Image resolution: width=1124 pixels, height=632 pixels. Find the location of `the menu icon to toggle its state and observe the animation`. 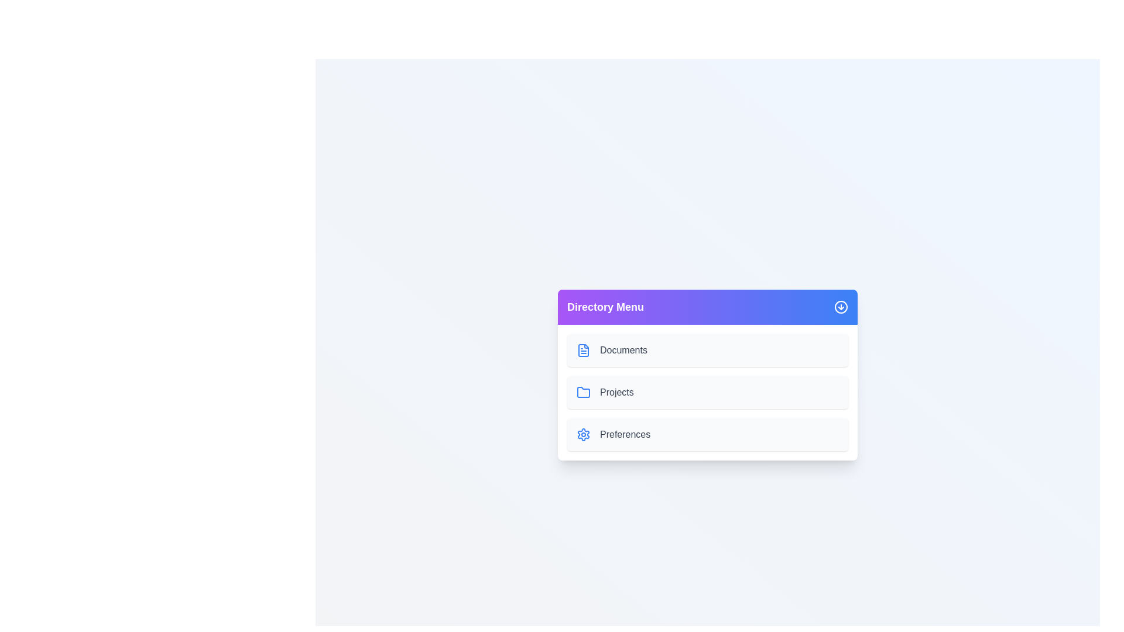

the menu icon to toggle its state and observe the animation is located at coordinates (840, 306).